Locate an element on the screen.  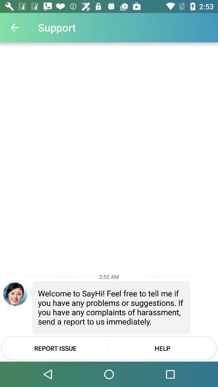
item below the welcome to sayhi is located at coordinates (55, 347).